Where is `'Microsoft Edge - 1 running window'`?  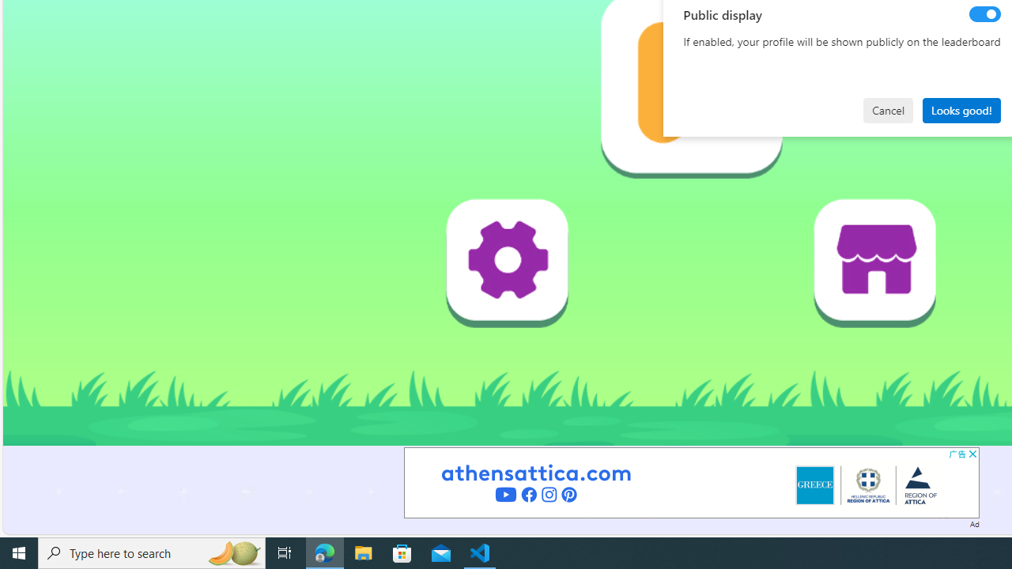
'Microsoft Edge - 1 running window' is located at coordinates (324, 552).